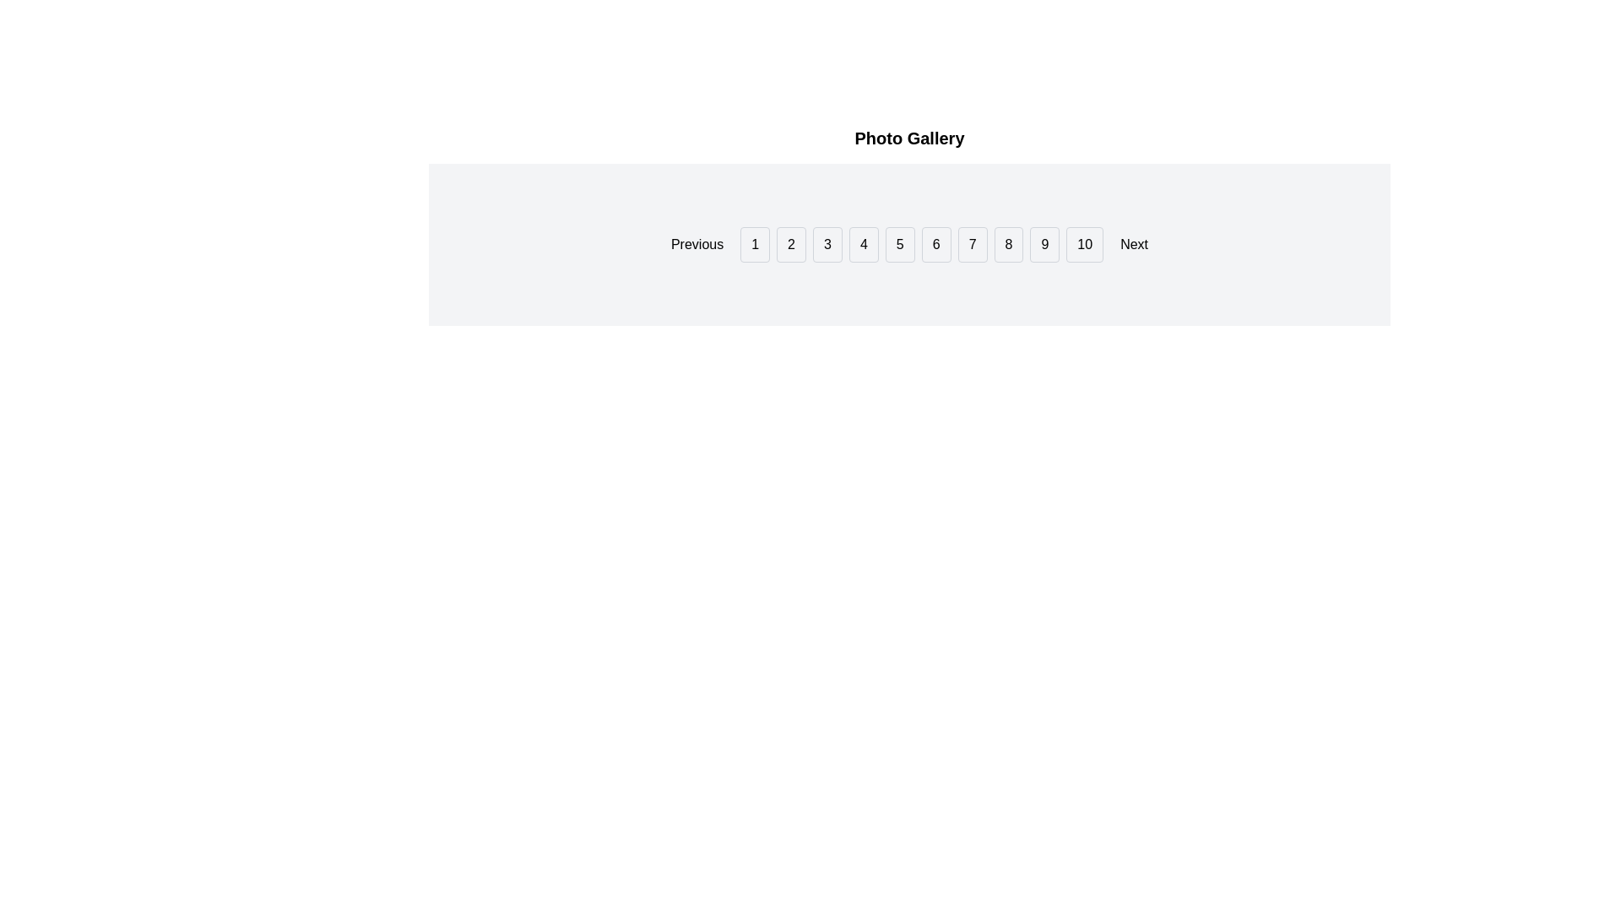 Image resolution: width=1621 pixels, height=912 pixels. I want to click on the rectangular button with a light gray background and black text displaying the number '2', so click(790, 244).